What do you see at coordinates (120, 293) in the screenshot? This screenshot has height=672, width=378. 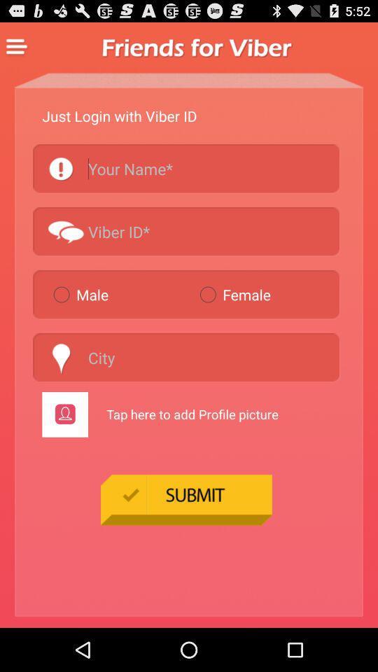 I see `the icon next to the female icon` at bounding box center [120, 293].